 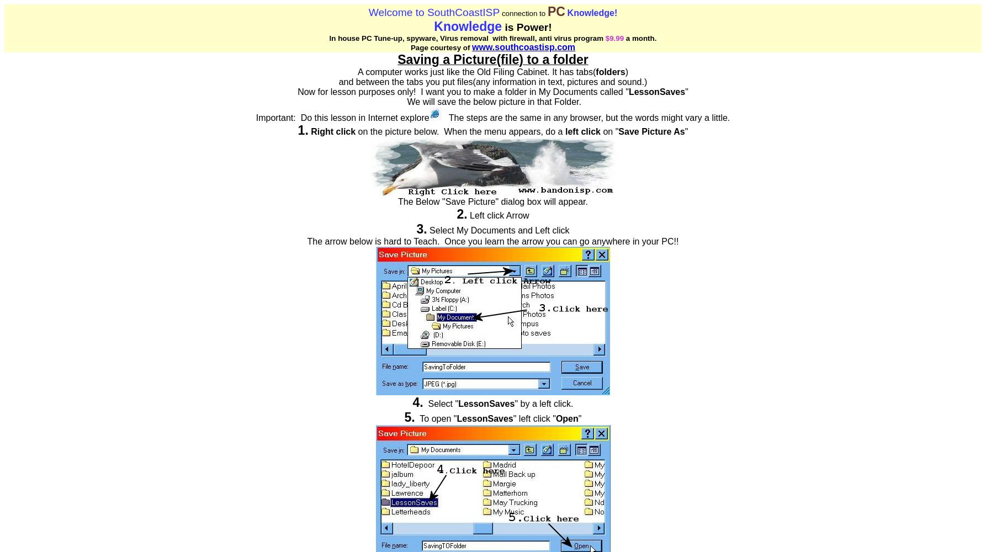 What do you see at coordinates (306, 241) in the screenshot?
I see `'The arrow below is hard to
Teach.  Once you learn the arrow you
can go anywhere in your PC!!'` at bounding box center [306, 241].